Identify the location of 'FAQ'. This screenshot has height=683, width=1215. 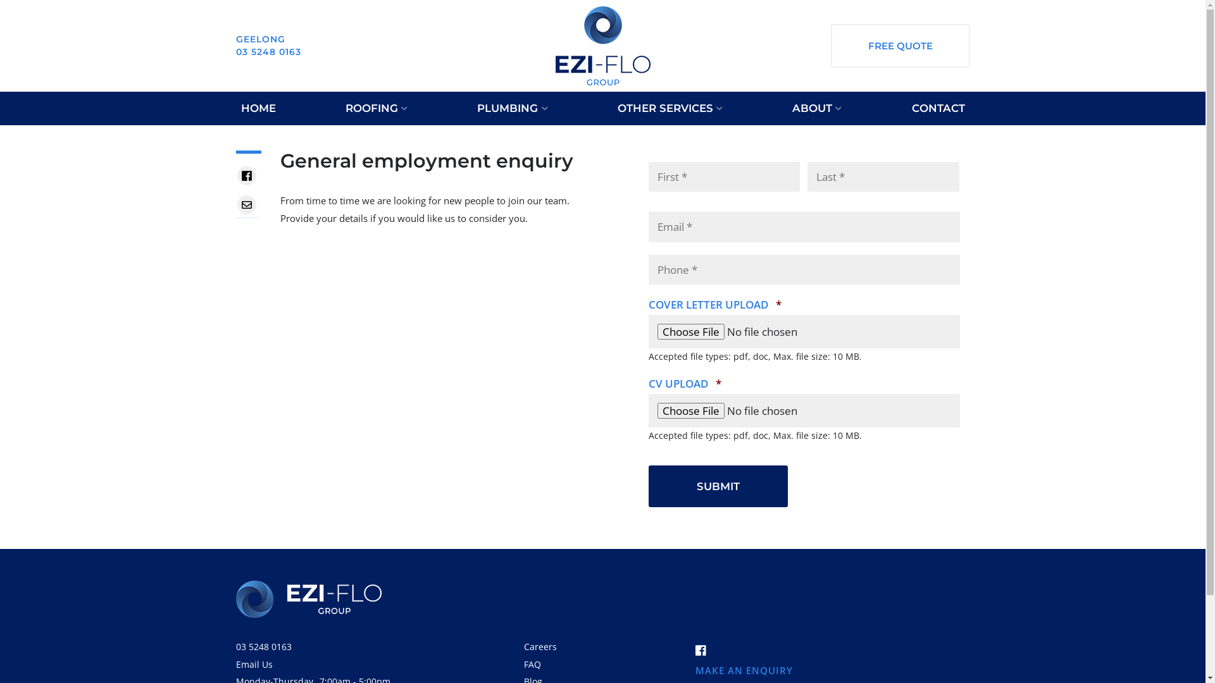
(532, 663).